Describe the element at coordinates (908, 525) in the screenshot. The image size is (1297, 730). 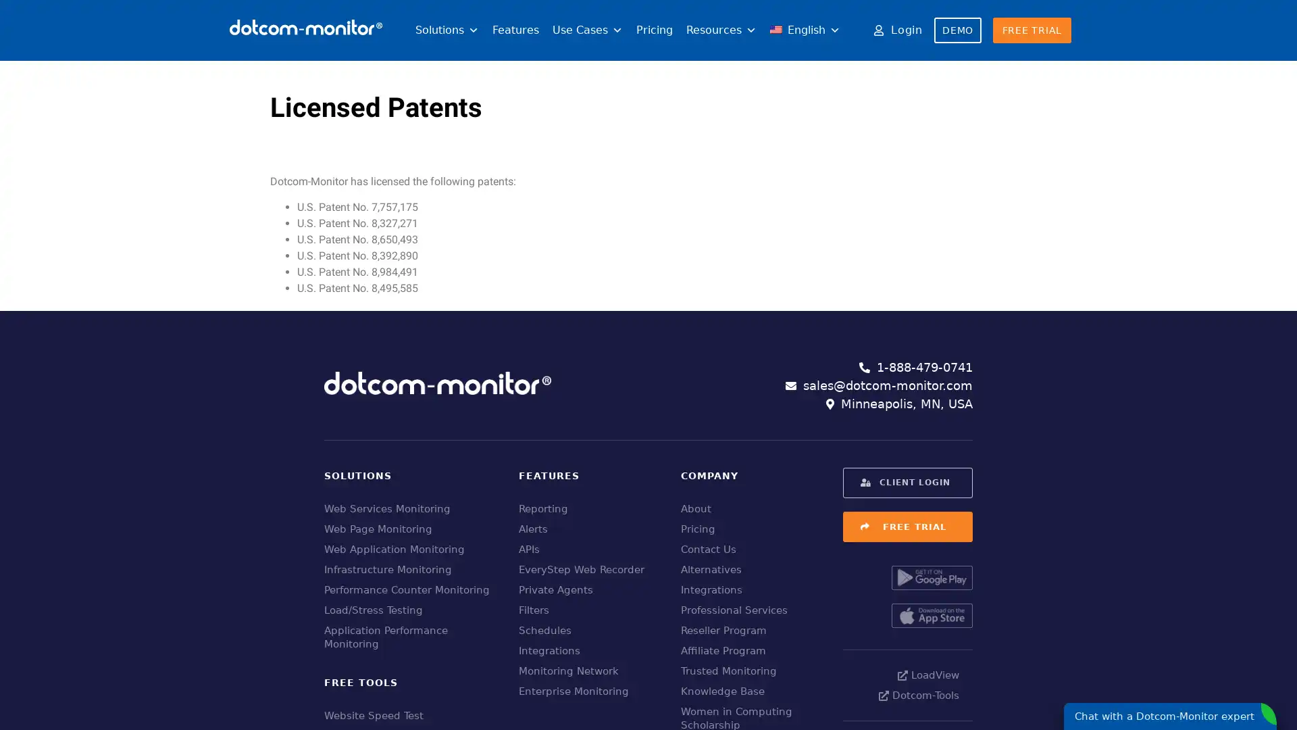
I see `FREE TRIAL` at that location.